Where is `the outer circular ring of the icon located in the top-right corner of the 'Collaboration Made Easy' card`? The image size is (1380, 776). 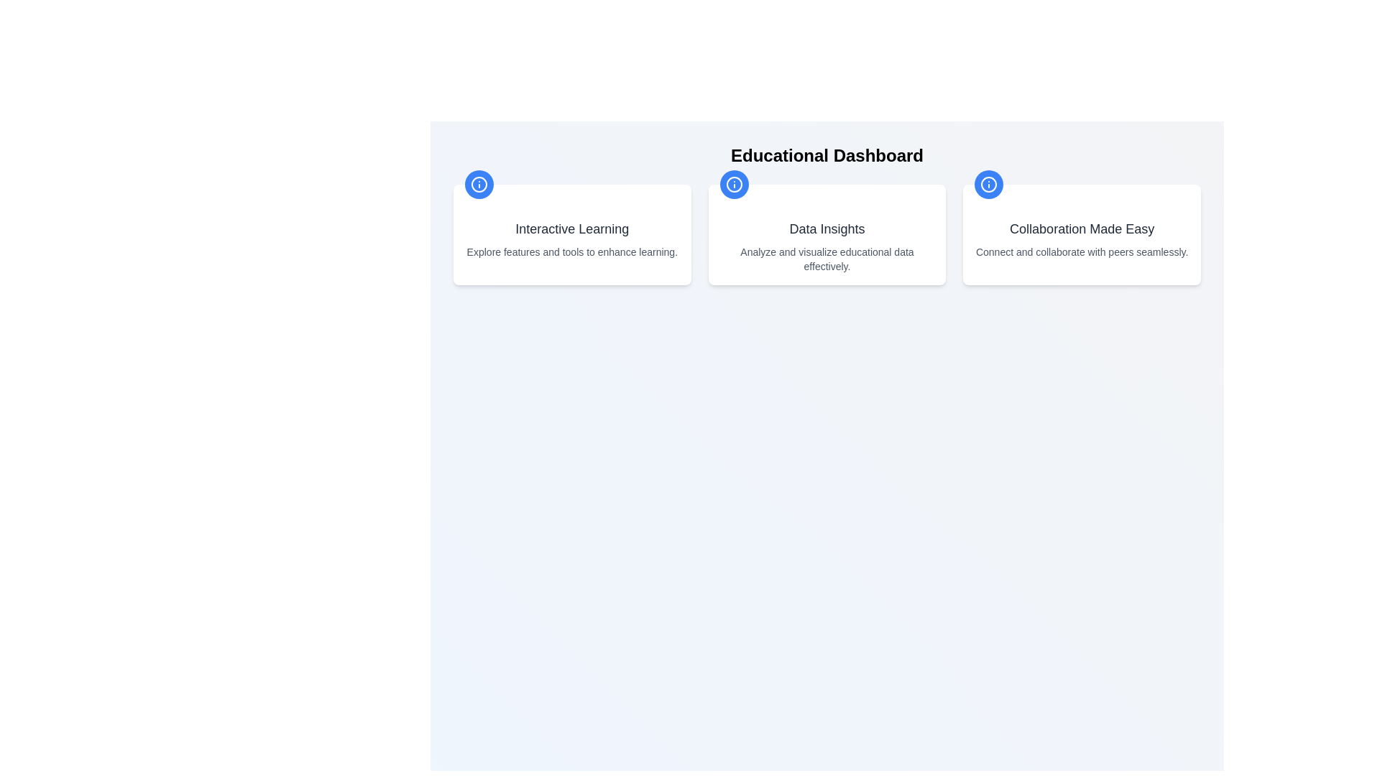 the outer circular ring of the icon located in the top-right corner of the 'Collaboration Made Easy' card is located at coordinates (988, 184).